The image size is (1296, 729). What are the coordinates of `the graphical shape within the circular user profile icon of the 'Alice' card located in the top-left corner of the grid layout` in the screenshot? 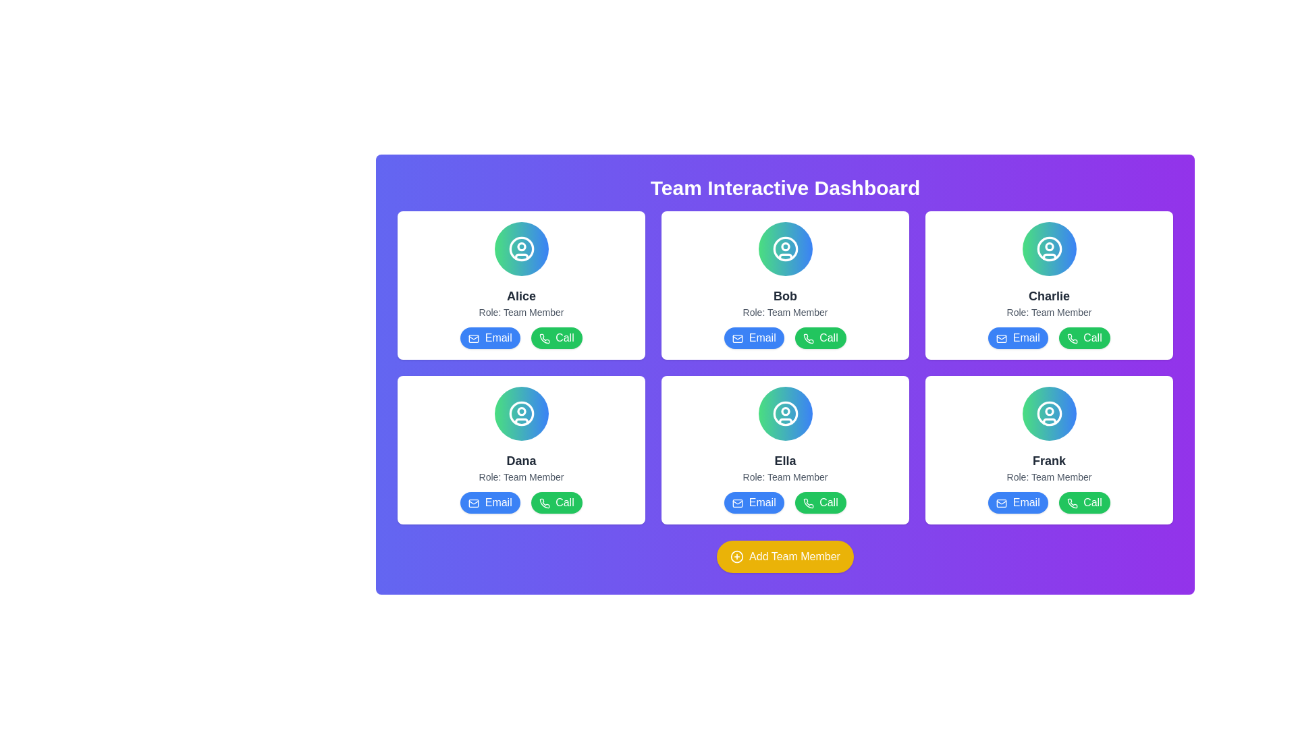 It's located at (520, 246).